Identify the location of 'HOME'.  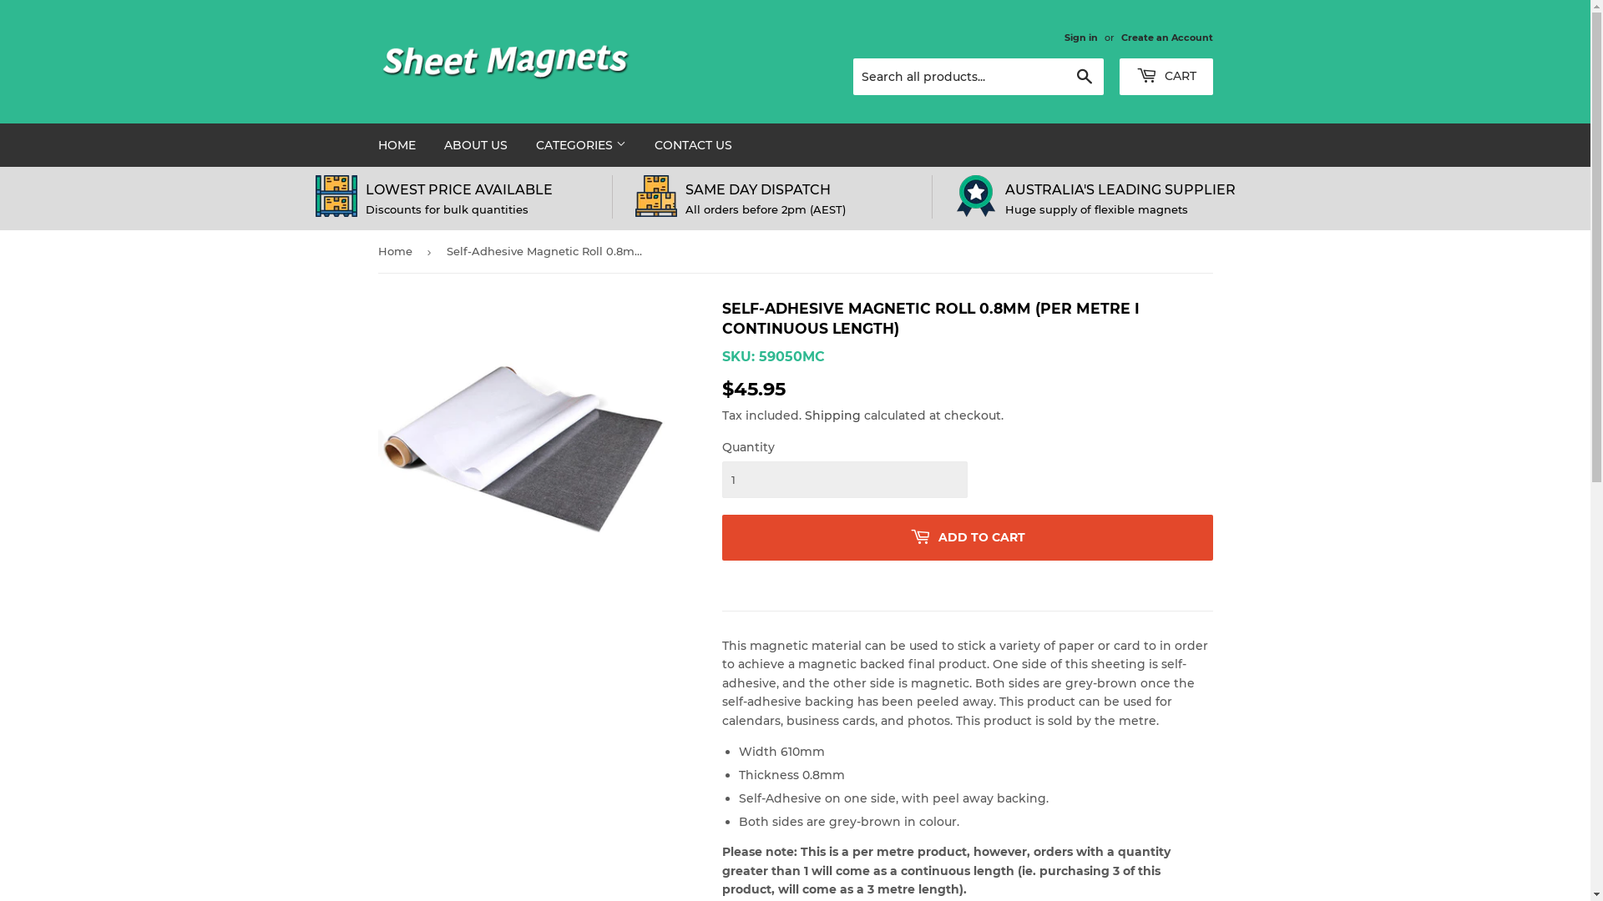
(396, 143).